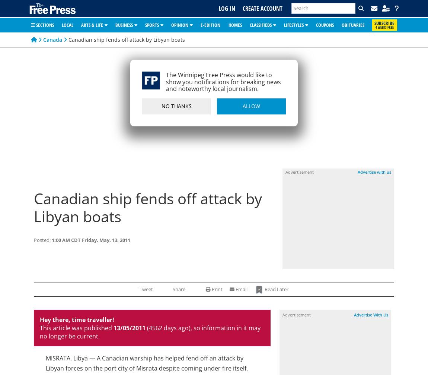 This screenshot has height=375, width=428. What do you see at coordinates (152, 24) in the screenshot?
I see `'Sports'` at bounding box center [152, 24].